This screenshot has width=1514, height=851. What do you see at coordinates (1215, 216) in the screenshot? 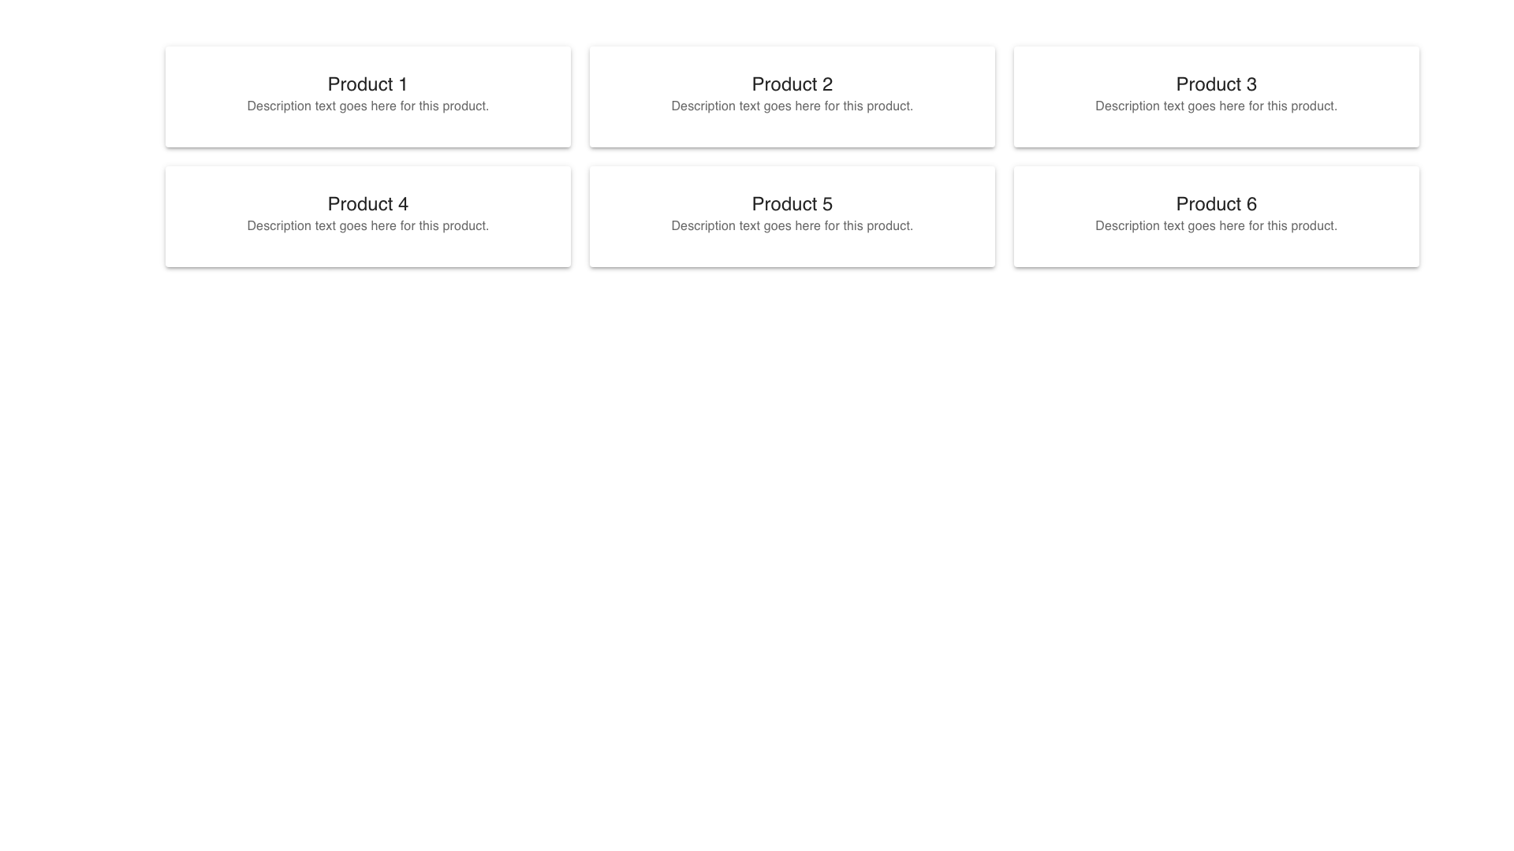
I see `the product card displaying the title 'Product 6' and description 'Description text goes here for this product.' located in the bottom right corner of the grid layout` at bounding box center [1215, 216].